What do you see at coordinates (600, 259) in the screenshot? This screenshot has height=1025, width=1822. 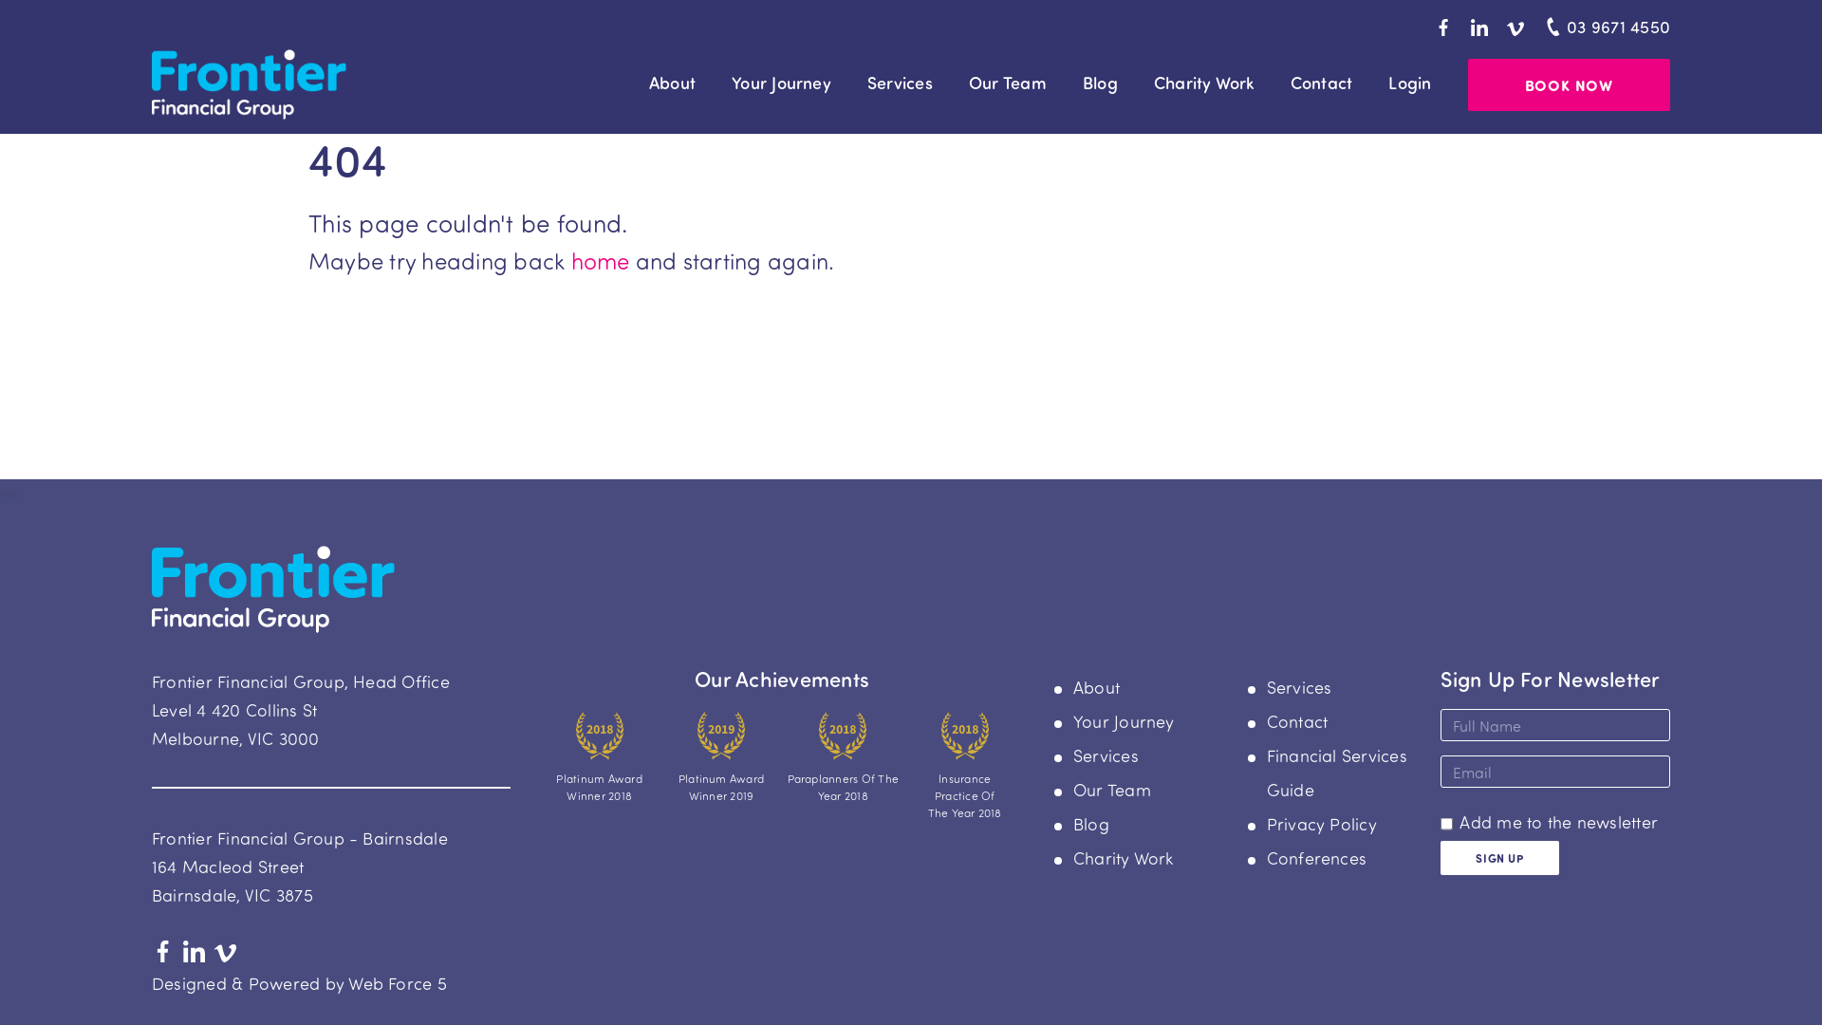 I see `'home'` at bounding box center [600, 259].